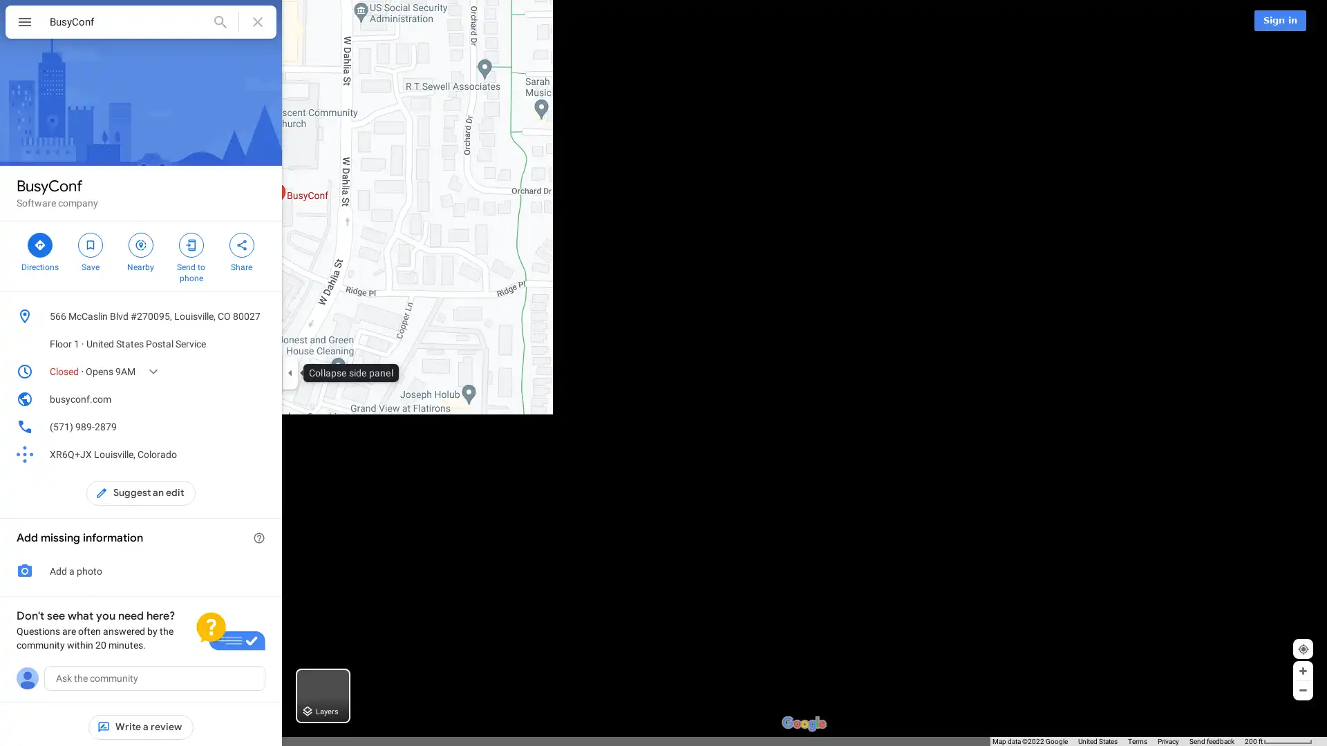  I want to click on Zoom in, so click(1302, 679).